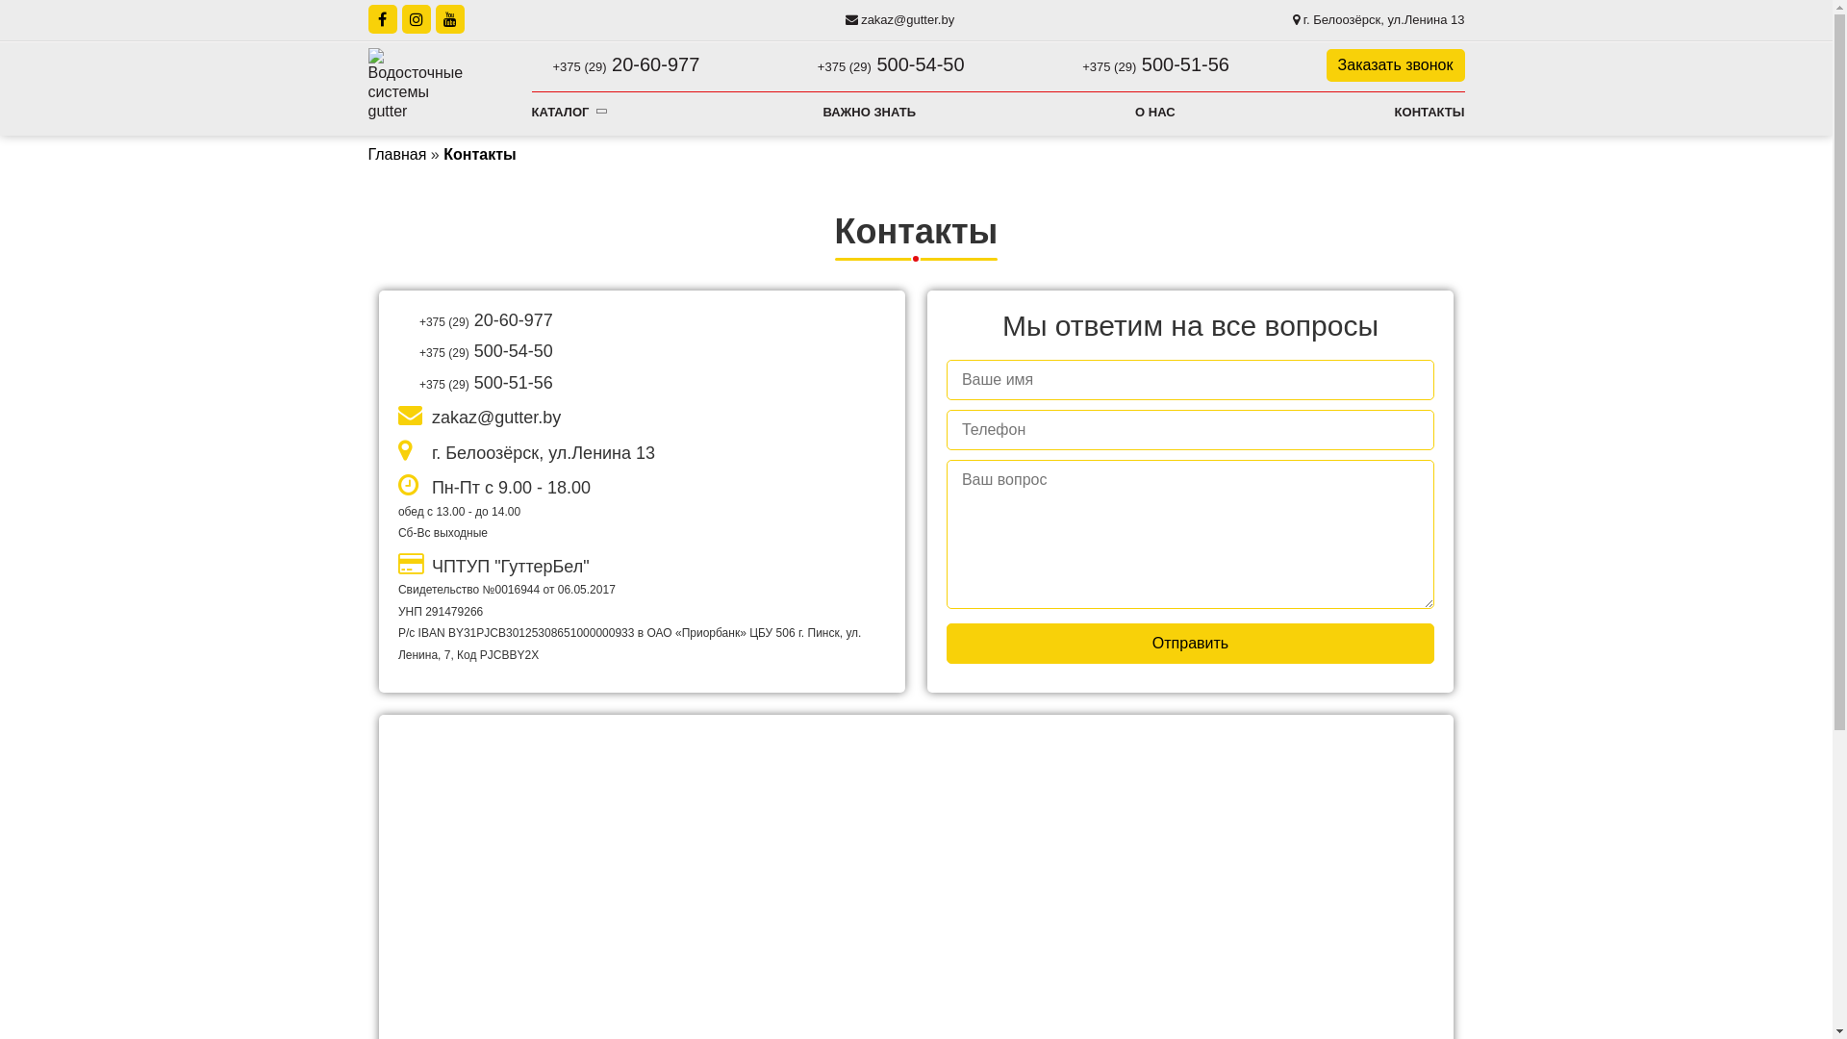 Image resolution: width=1847 pixels, height=1039 pixels. I want to click on 'zakaz@gutter.by', so click(845, 19).